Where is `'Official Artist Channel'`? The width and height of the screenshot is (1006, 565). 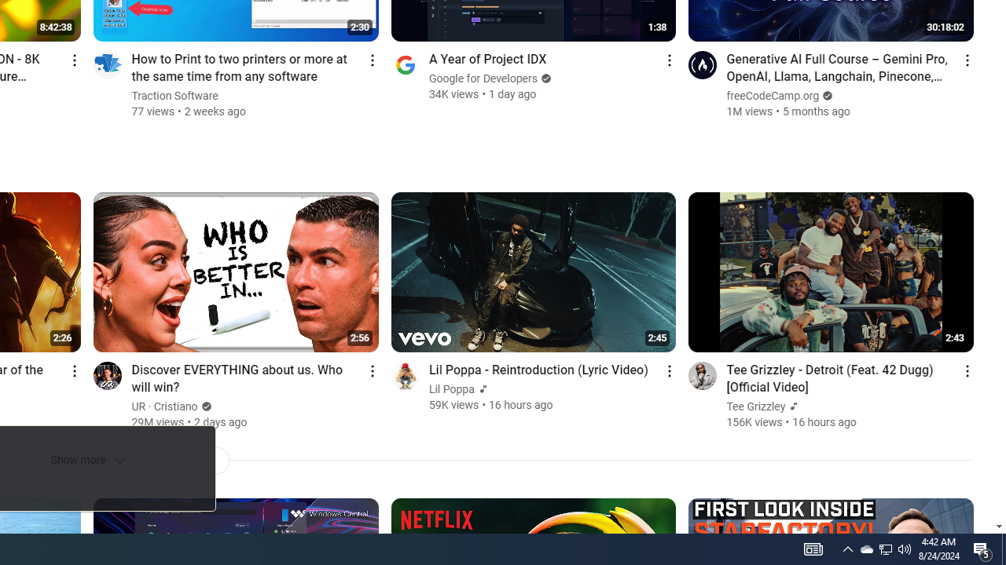 'Official Artist Channel' is located at coordinates (792, 406).